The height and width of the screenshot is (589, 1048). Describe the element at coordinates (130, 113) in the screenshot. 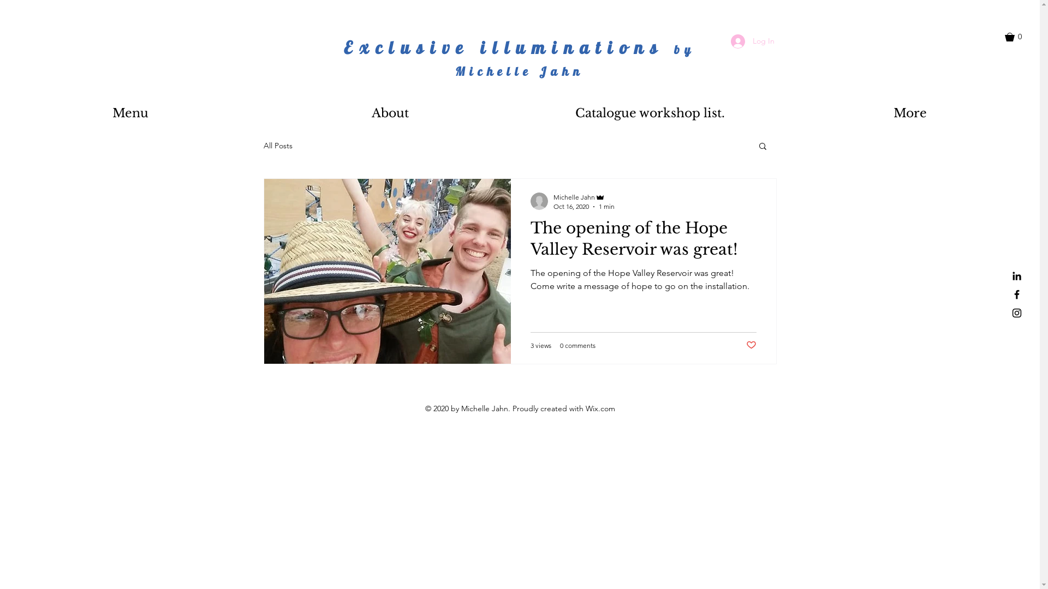

I see `'Menu'` at that location.